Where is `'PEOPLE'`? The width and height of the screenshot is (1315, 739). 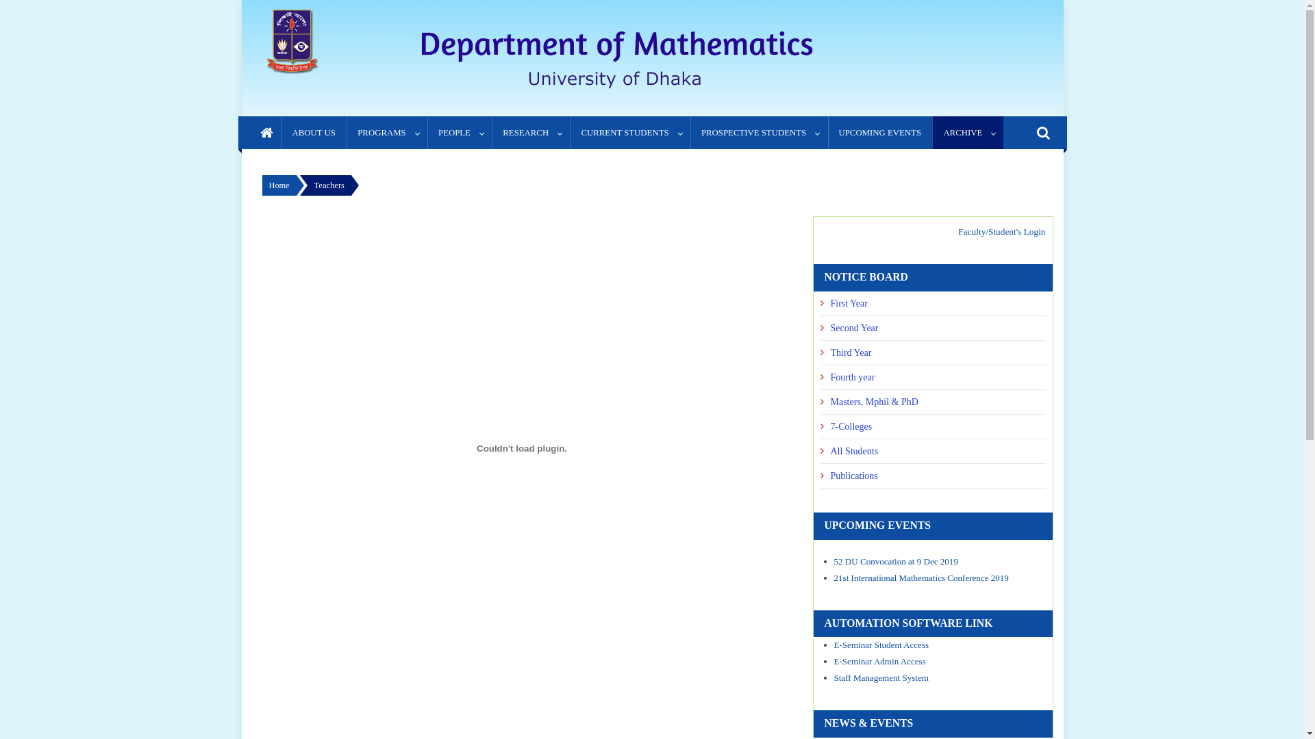 'PEOPLE' is located at coordinates (427, 132).